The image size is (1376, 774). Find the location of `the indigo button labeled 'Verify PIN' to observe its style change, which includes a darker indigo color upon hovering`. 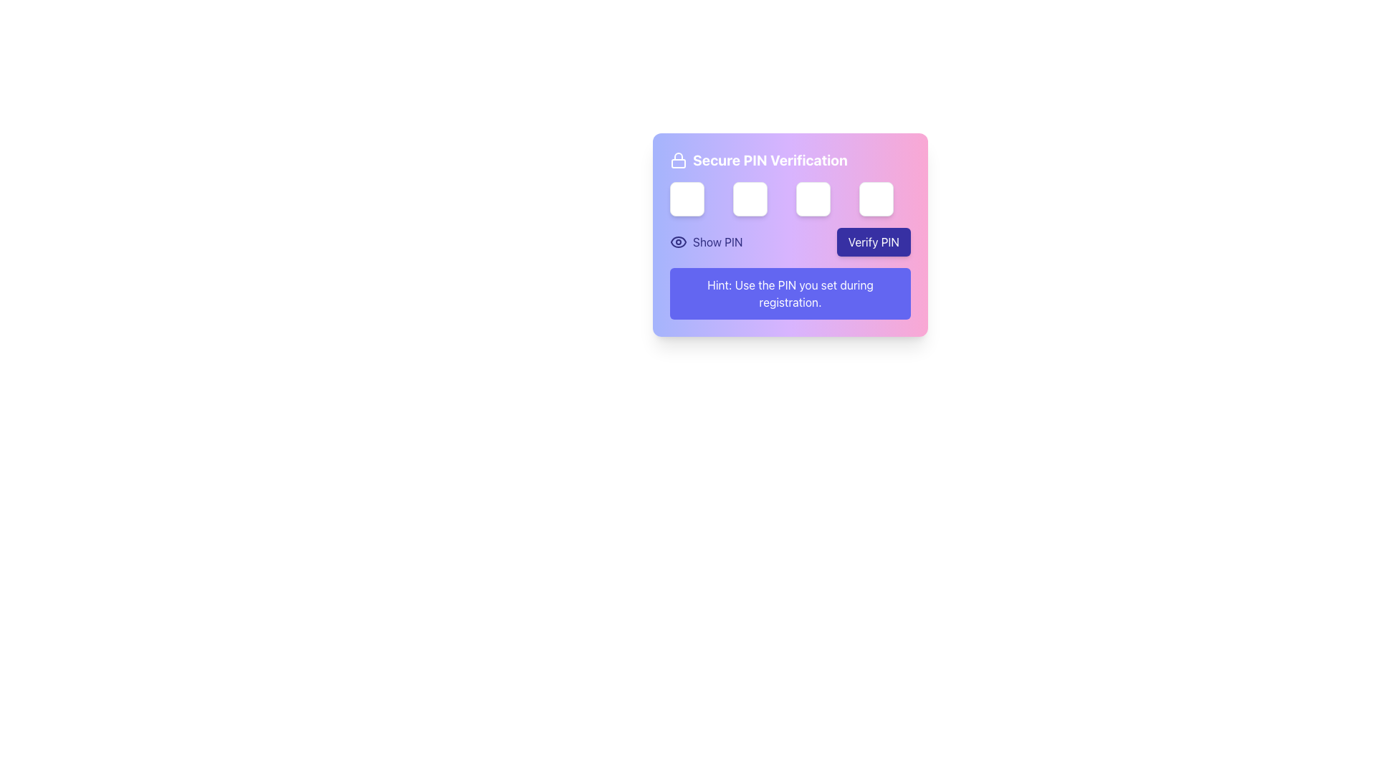

the indigo button labeled 'Verify PIN' to observe its style change, which includes a darker indigo color upon hovering is located at coordinates (873, 242).